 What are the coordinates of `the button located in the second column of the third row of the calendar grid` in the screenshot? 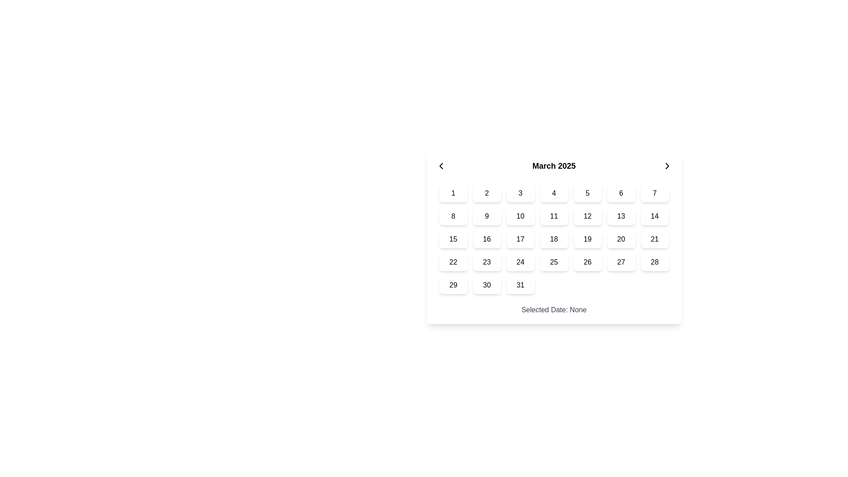 It's located at (486, 239).